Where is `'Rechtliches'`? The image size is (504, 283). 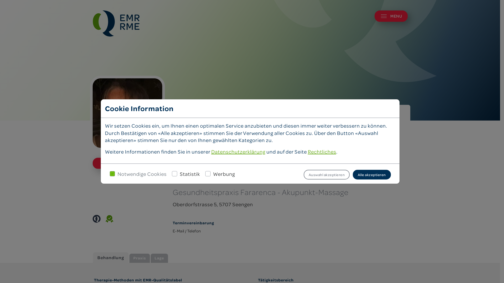
'Rechtliches' is located at coordinates (307, 151).